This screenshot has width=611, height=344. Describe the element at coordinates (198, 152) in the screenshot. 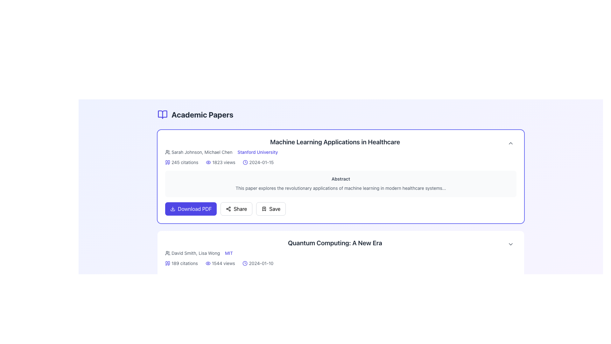

I see `names 'Sarah Johnson, Michael Chen' displayed next to the user group icon in the top section of the card for the paper titled 'Machine Learning Applications in Healthcare'` at that location.